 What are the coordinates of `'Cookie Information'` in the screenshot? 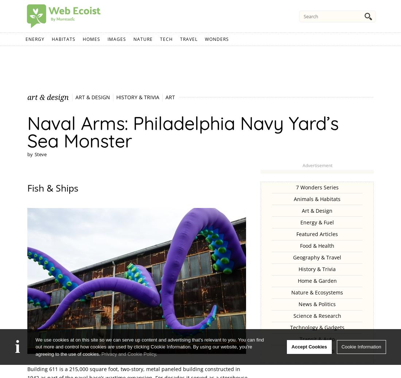 It's located at (341, 347).